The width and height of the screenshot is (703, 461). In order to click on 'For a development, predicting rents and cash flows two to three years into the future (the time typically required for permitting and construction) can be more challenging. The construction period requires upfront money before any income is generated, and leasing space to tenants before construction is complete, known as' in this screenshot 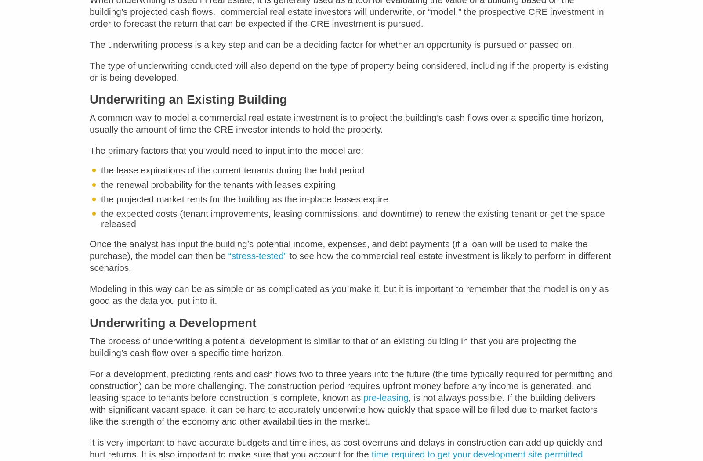, I will do `click(351, 391)`.